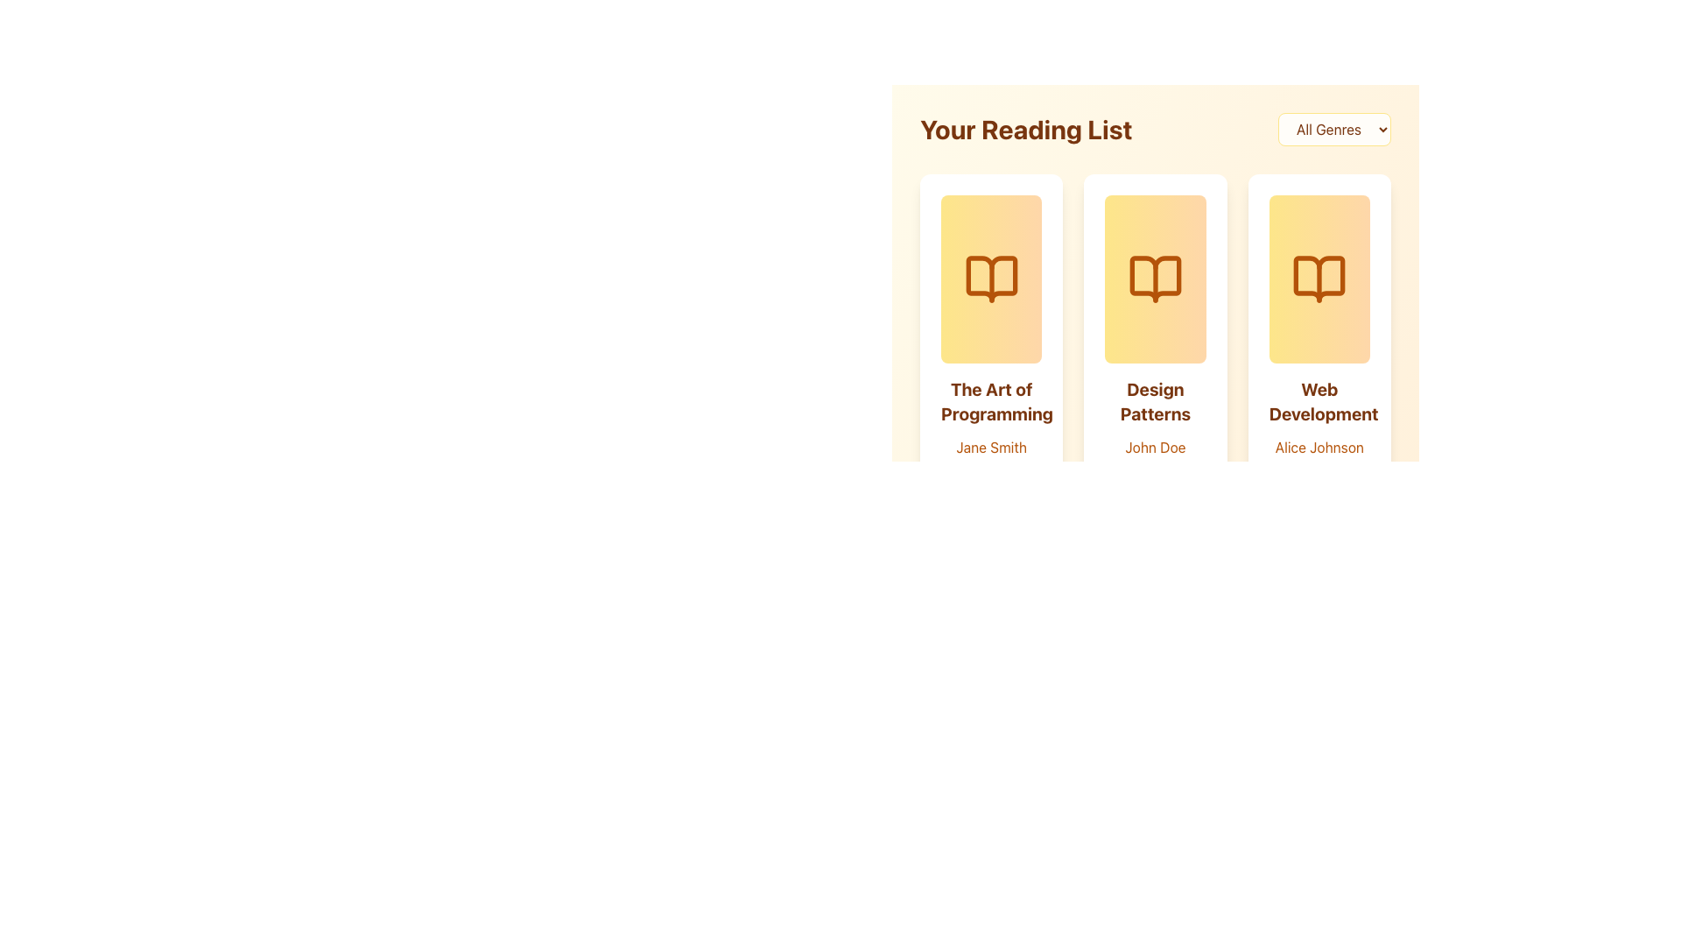 Image resolution: width=1681 pixels, height=946 pixels. What do you see at coordinates (1156, 279) in the screenshot?
I see `the open book icon with a bold brown outline, located in the middle card of the 'Your Reading List' section, centered above the text 'Design Patterns' and 'John Doe'` at bounding box center [1156, 279].